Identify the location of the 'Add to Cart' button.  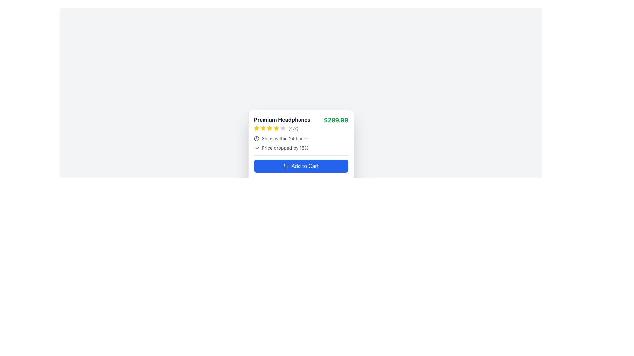
(301, 171).